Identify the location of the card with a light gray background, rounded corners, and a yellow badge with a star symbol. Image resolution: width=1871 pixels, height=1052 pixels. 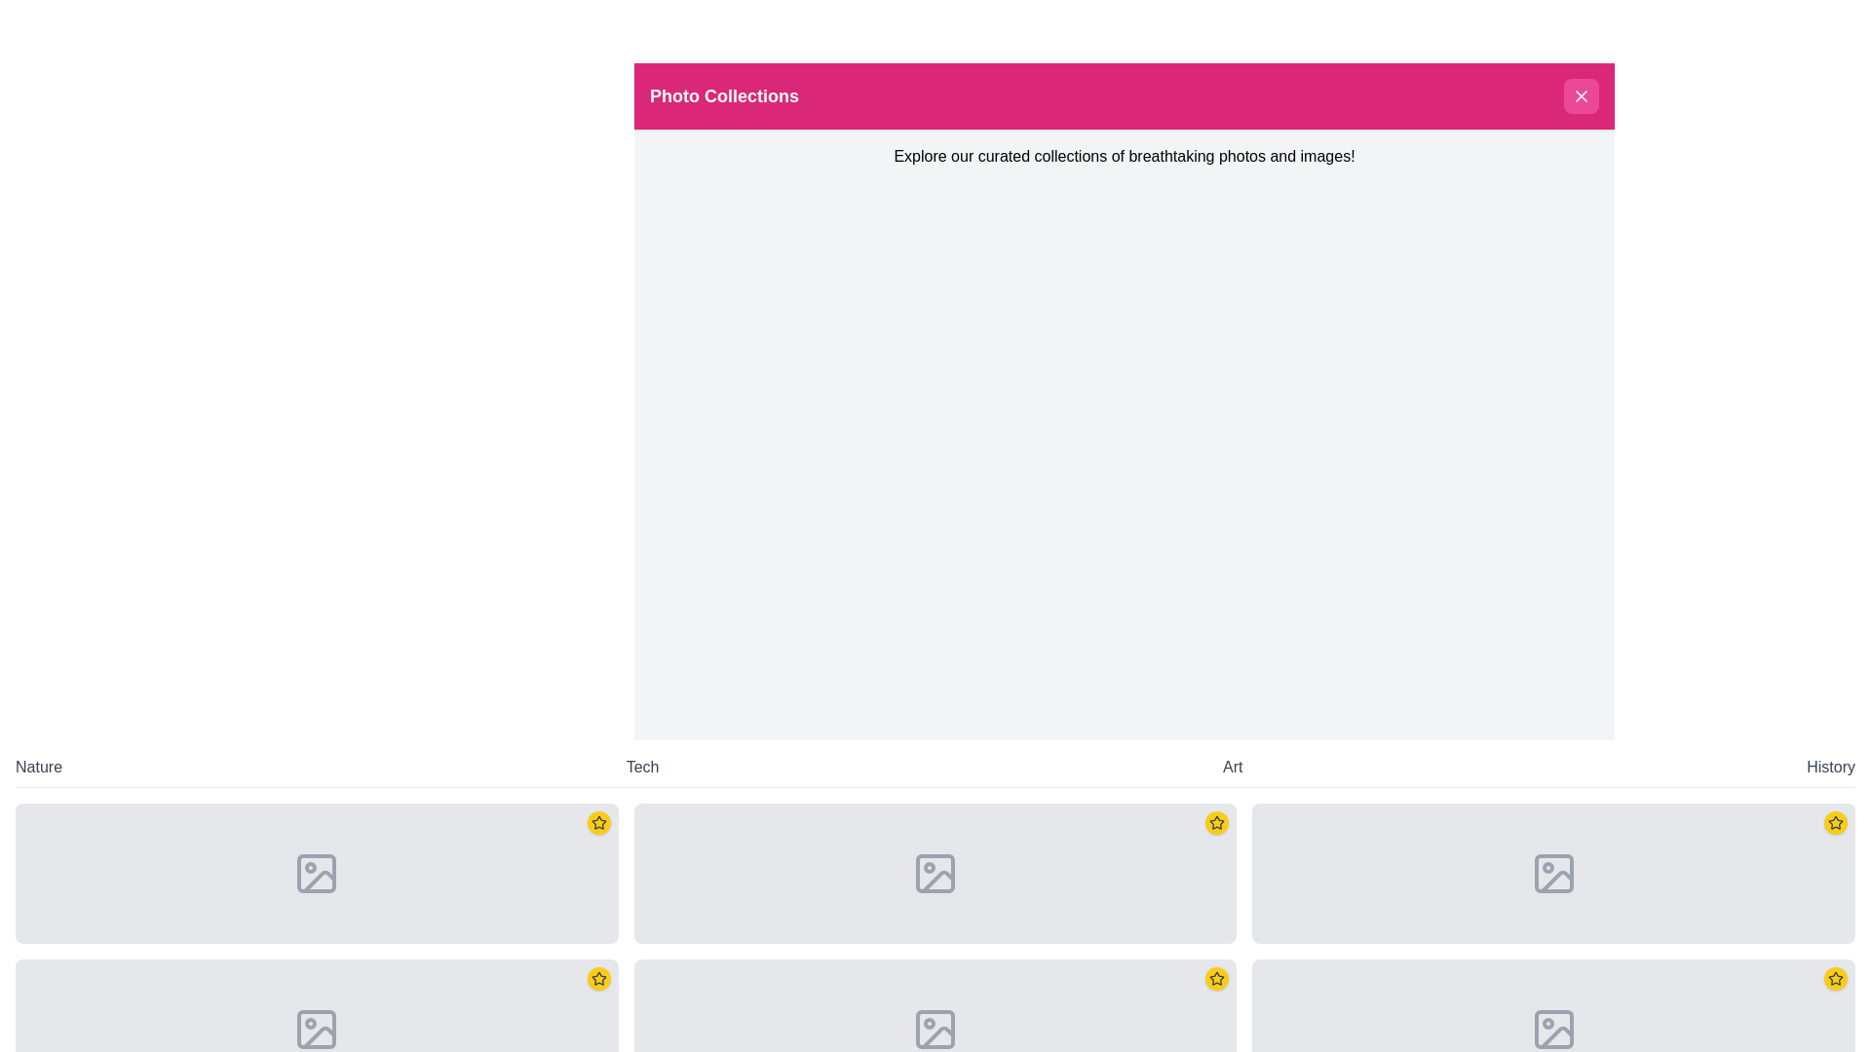
(1552, 873).